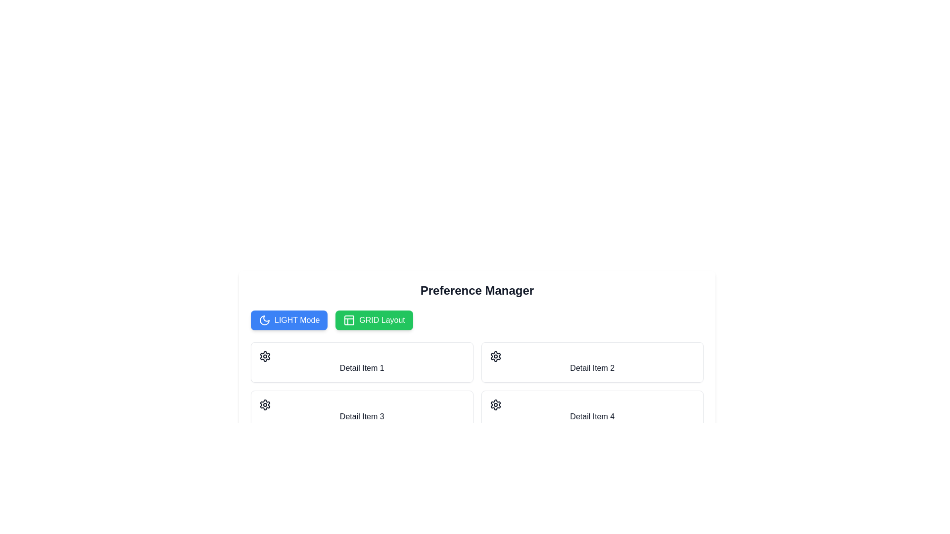  I want to click on the Text label that serves as an identifier for an option within the 'Preference Manager' interface, so click(592, 368).